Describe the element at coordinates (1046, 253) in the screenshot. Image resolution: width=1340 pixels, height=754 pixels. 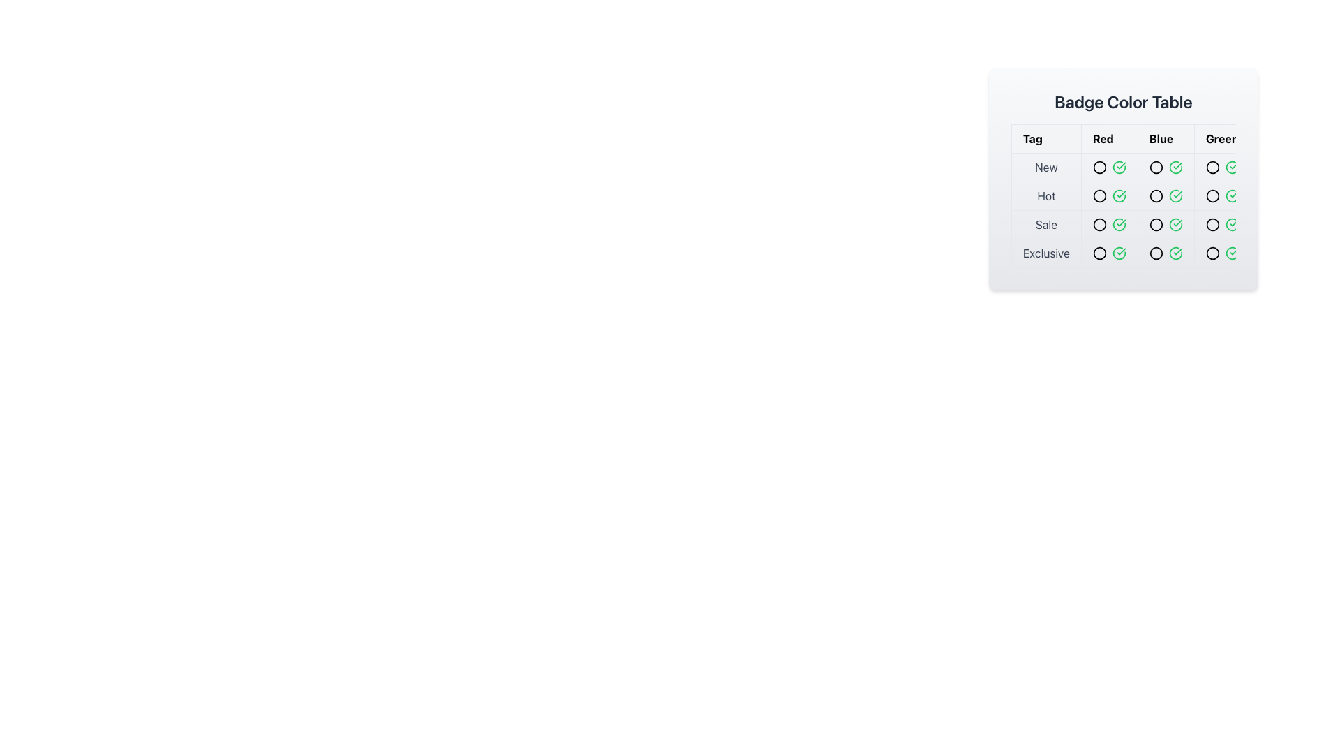
I see `the text label displaying 'Exclusive' located in the fourth row under the 'Tag' column of the table` at that location.